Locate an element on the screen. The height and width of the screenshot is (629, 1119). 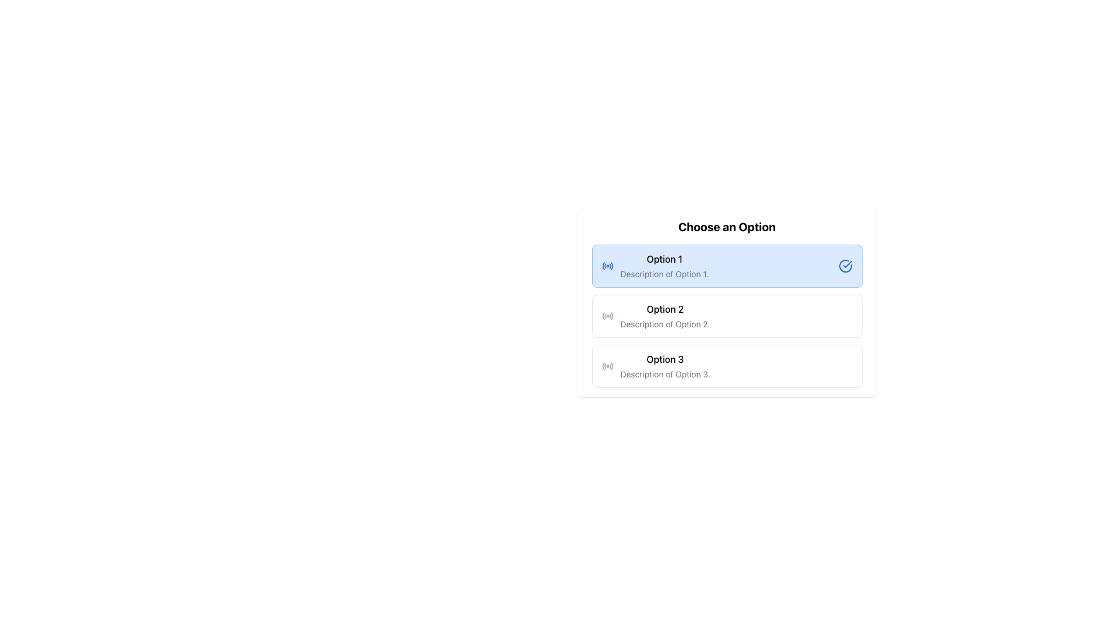
the small circular icon resembling a radio transmission symbol, which is gray in color and located to the left of the text 'Option 2' in the option selection list is located at coordinates (607, 316).